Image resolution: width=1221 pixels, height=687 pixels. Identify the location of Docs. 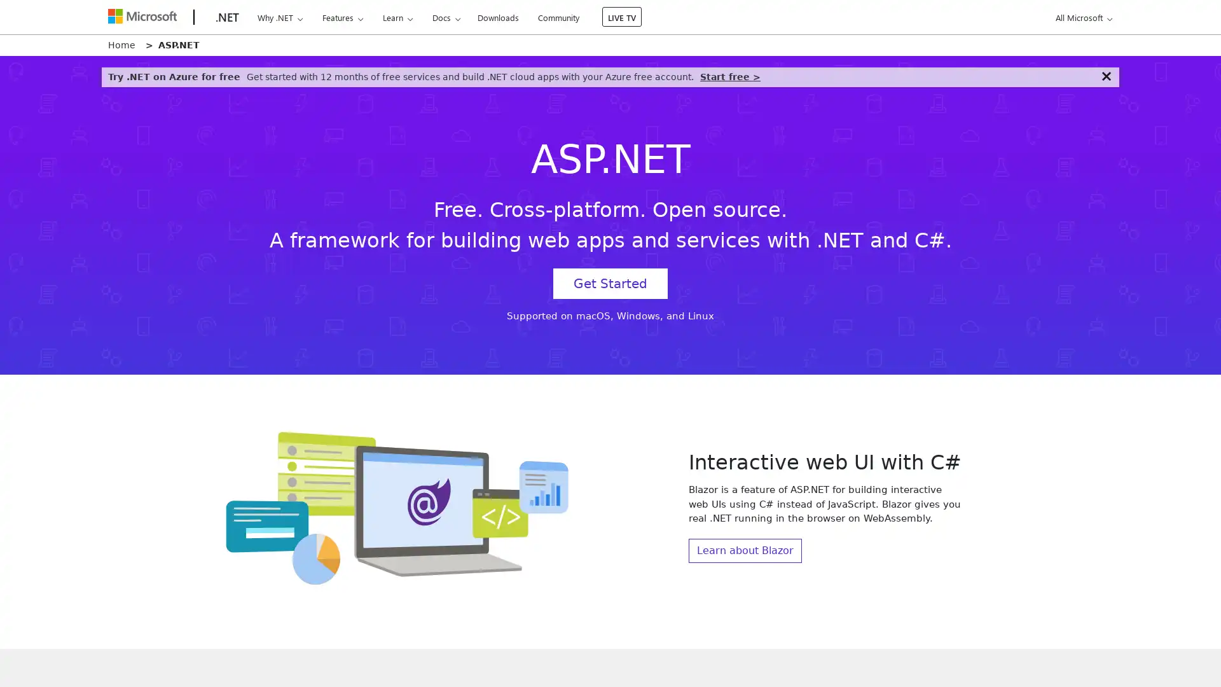
(446, 17).